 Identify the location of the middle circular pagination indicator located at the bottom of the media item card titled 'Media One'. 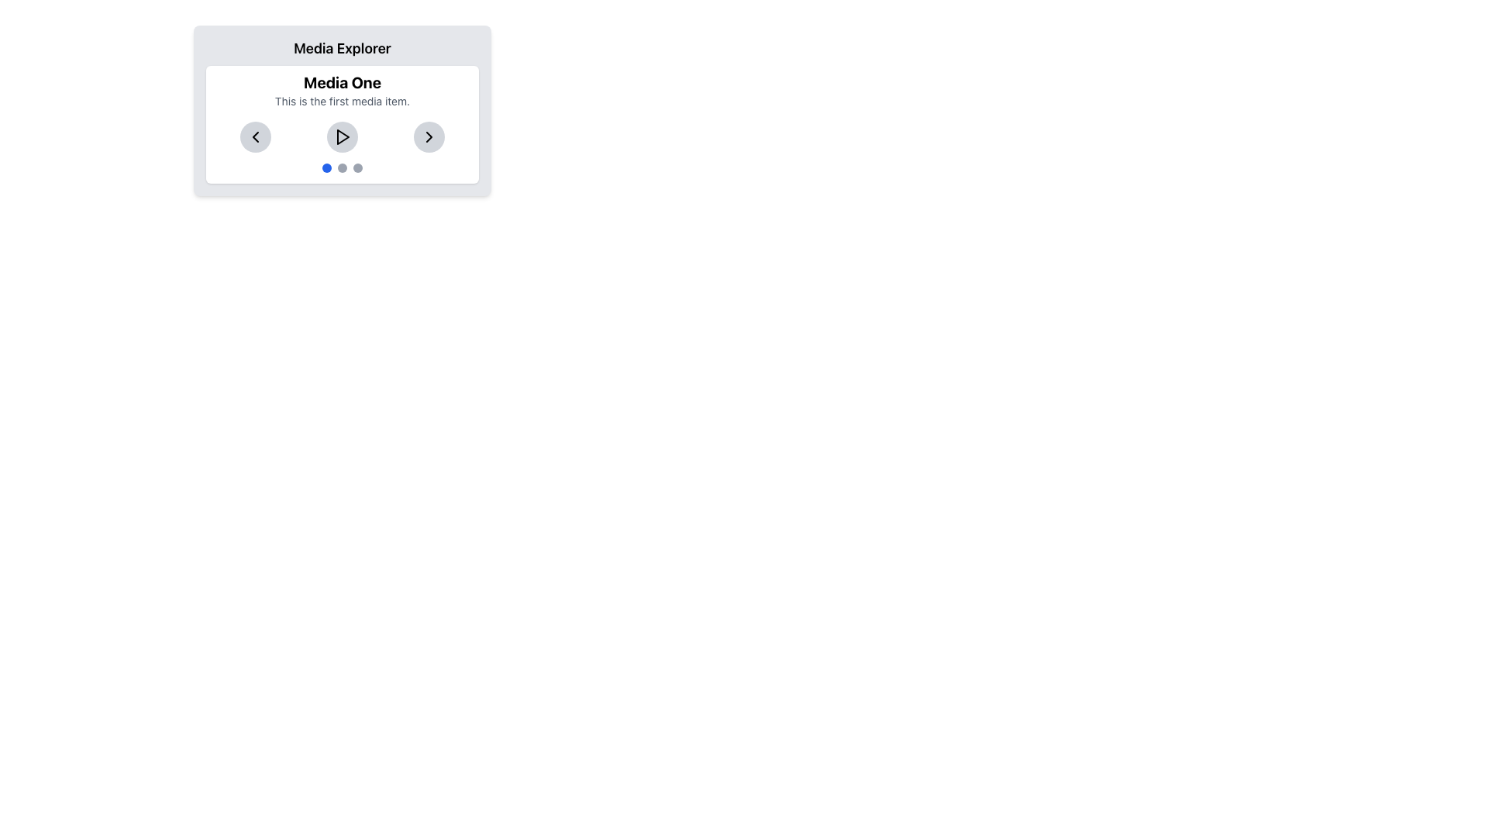
(341, 167).